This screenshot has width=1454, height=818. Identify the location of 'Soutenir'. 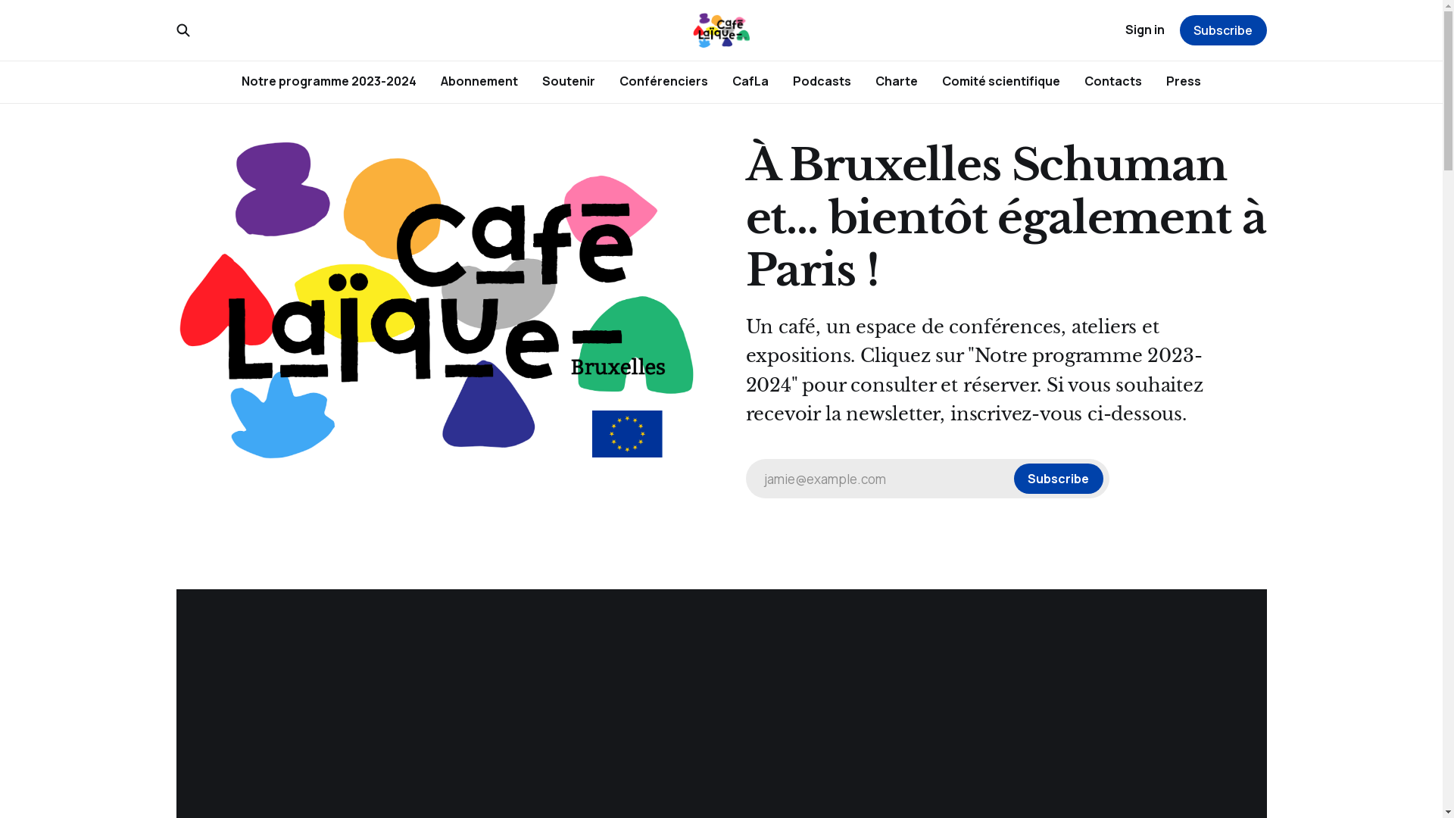
(567, 81).